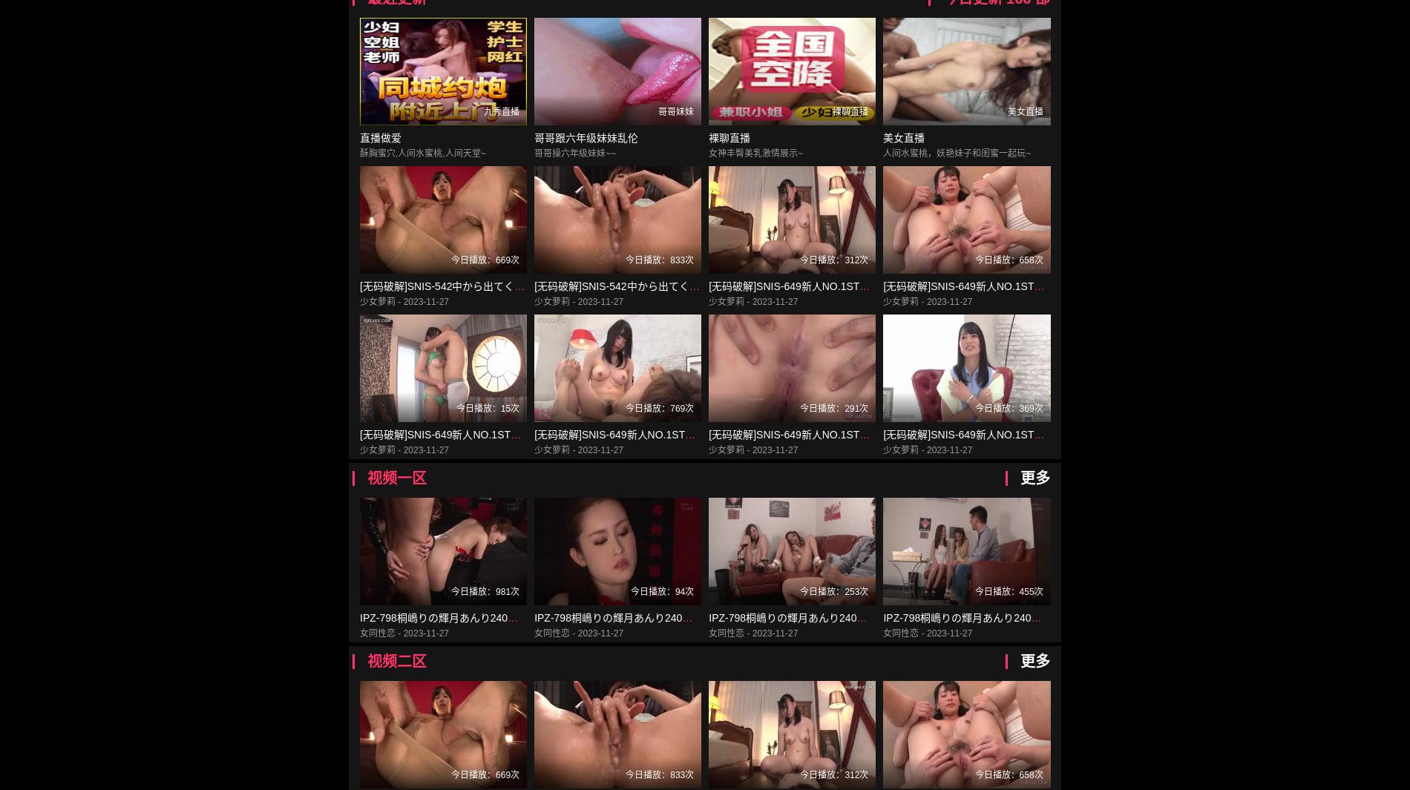 The image size is (1410, 790). What do you see at coordinates (970, 618) in the screenshot?
I see `'IPZ-798桐嶋りの輝月あんり240分W本指名SPECIAL極上風俗4本番＋ピンサロ豪華共演驚愕の全6コース！第10集'` at bounding box center [970, 618].